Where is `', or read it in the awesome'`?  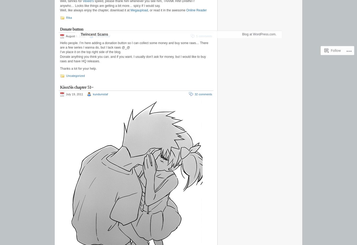
', or read it in the awesome' is located at coordinates (167, 10).